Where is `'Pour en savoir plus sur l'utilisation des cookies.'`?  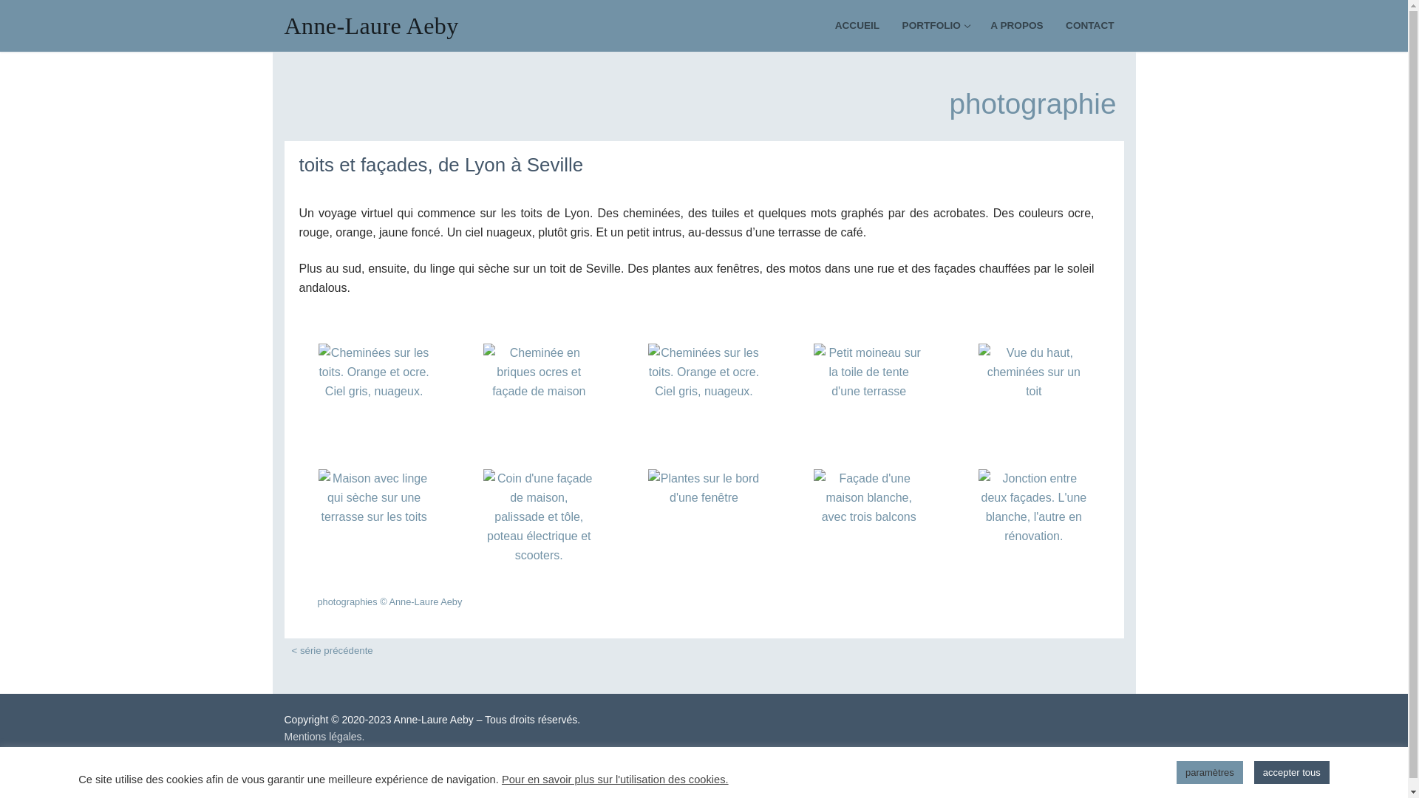 'Pour en savoir plus sur l'utilisation des cookies.' is located at coordinates (615, 777).